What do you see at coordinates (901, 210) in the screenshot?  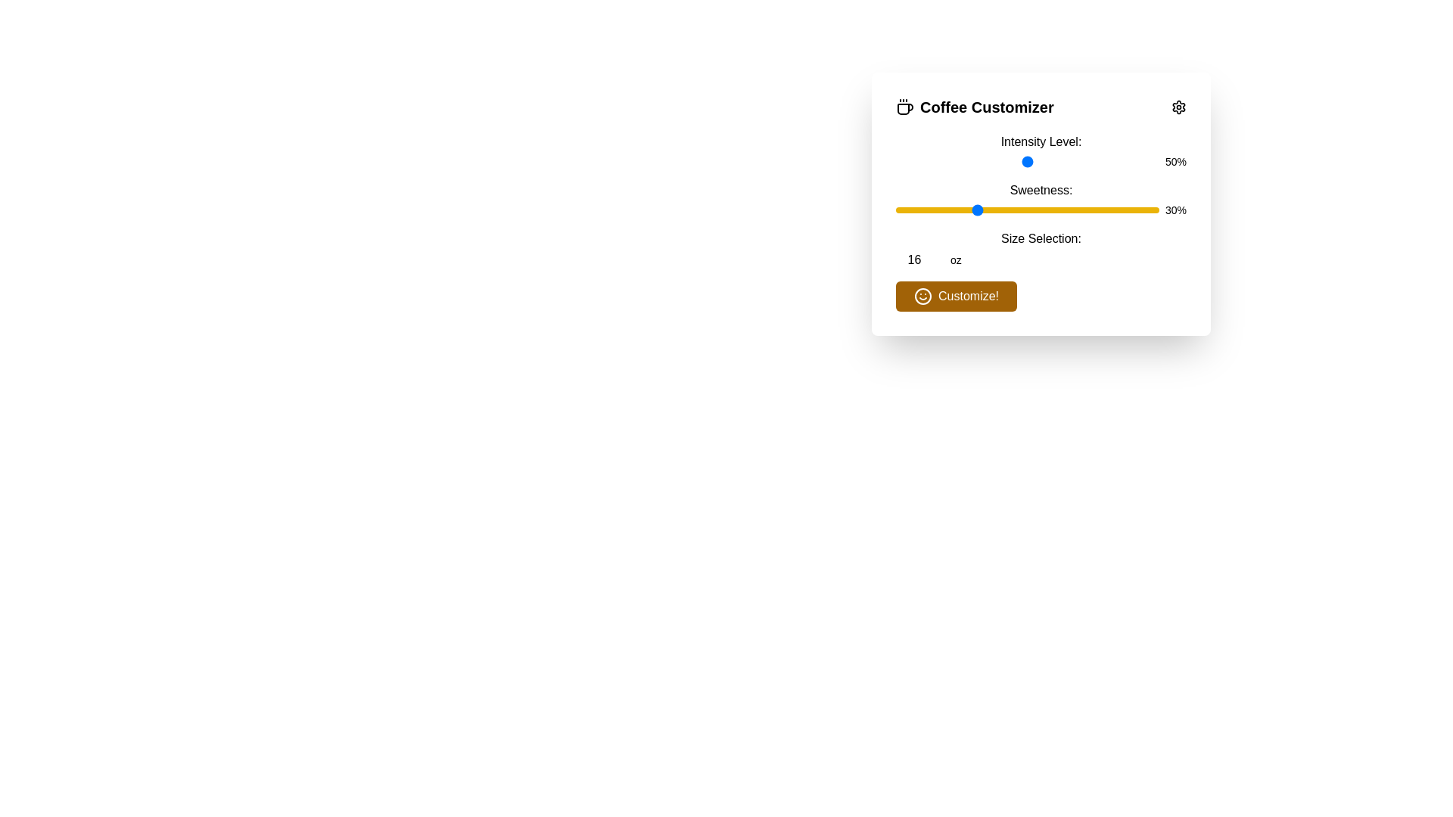 I see `the Sweetness slider to 2%` at bounding box center [901, 210].